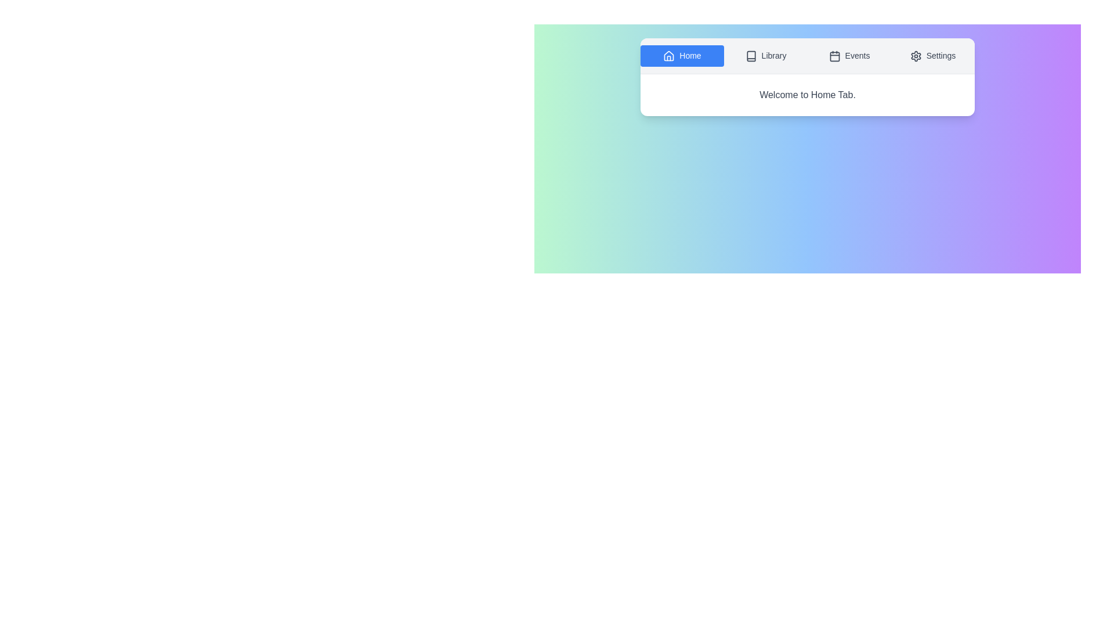 This screenshot has height=627, width=1114. Describe the element at coordinates (807, 93) in the screenshot. I see `the welcome message static text element located below the navigation bar in the 'Home' section of the application` at that location.